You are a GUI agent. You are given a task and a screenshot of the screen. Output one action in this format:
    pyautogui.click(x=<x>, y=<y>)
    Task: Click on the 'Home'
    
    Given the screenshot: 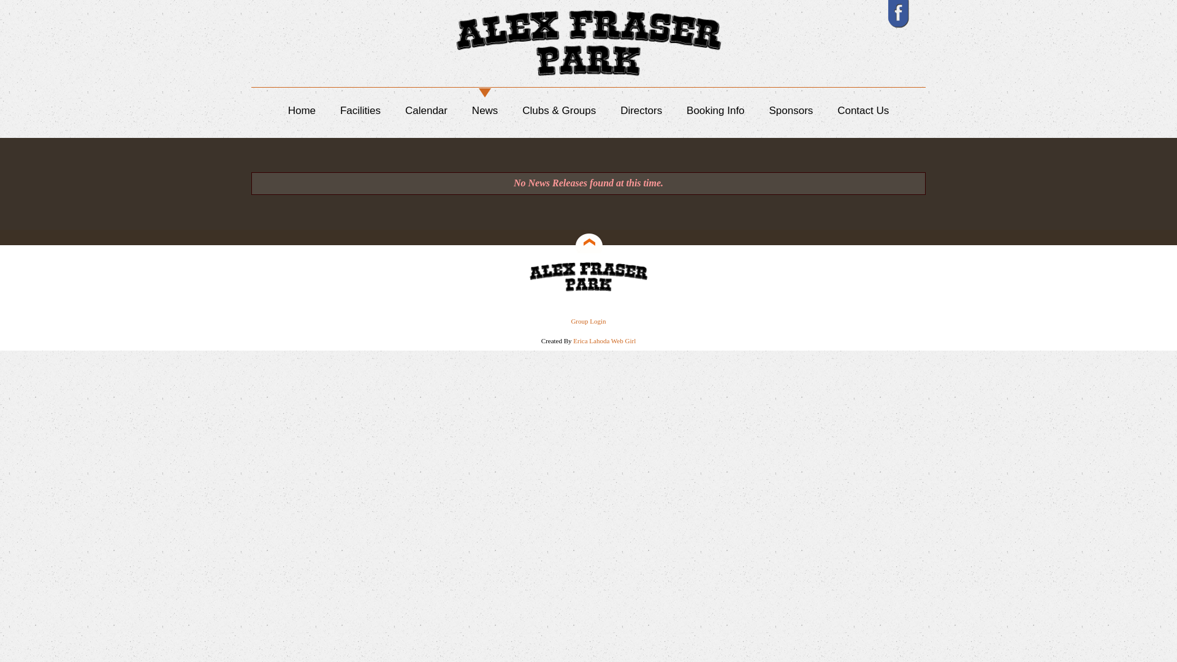 What is the action you would take?
    pyautogui.click(x=302, y=110)
    